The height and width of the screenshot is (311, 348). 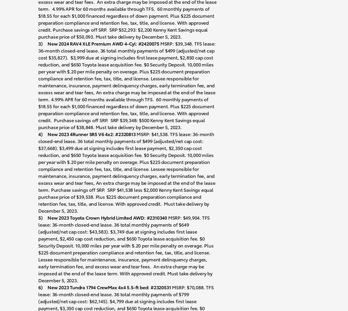 I want to click on 'MSRP: $39,348. TFS lease: 36-month closed-end lease. 36 total monthly payments of $499 (adjusted/net cap cost $35,827).  $3,999 due at signing includes first lease payment, $2,850 cap cost reduction, and $650 Toyota lease acquisition fee. $0 Security Deposit. 10,000 miles per year with $.20 per mile penalty on overage. Plus $225 document preparation compliance and retention fee, tax, title, and license. Lessee responsible for maintenance, insurance, payment delinquency charges, early termination fee, and excess wear and tear fees, An extra charge may be imposed at the end of the lease term. 4.99% APR for 60 months available through TFS.  60 monthly payments of $18.55 for each $1,000 financed regardless of down payment. Plus $225 document preparation compliance and retention fee, tax, title, and license. With approved credit.  Purchase savings off SRP.  SRP $39,348: $500 Kenny Kent Savings equal purchase price of $38,848. Must take delivery by December 5, 2023.', so click(x=127, y=84).